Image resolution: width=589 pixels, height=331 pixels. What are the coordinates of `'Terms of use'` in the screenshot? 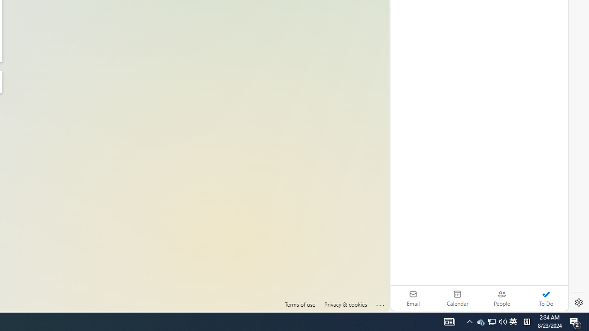 It's located at (300, 304).